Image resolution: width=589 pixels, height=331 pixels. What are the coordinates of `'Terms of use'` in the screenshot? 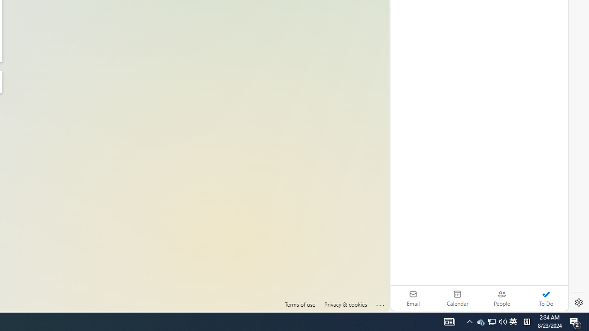 It's located at (300, 304).